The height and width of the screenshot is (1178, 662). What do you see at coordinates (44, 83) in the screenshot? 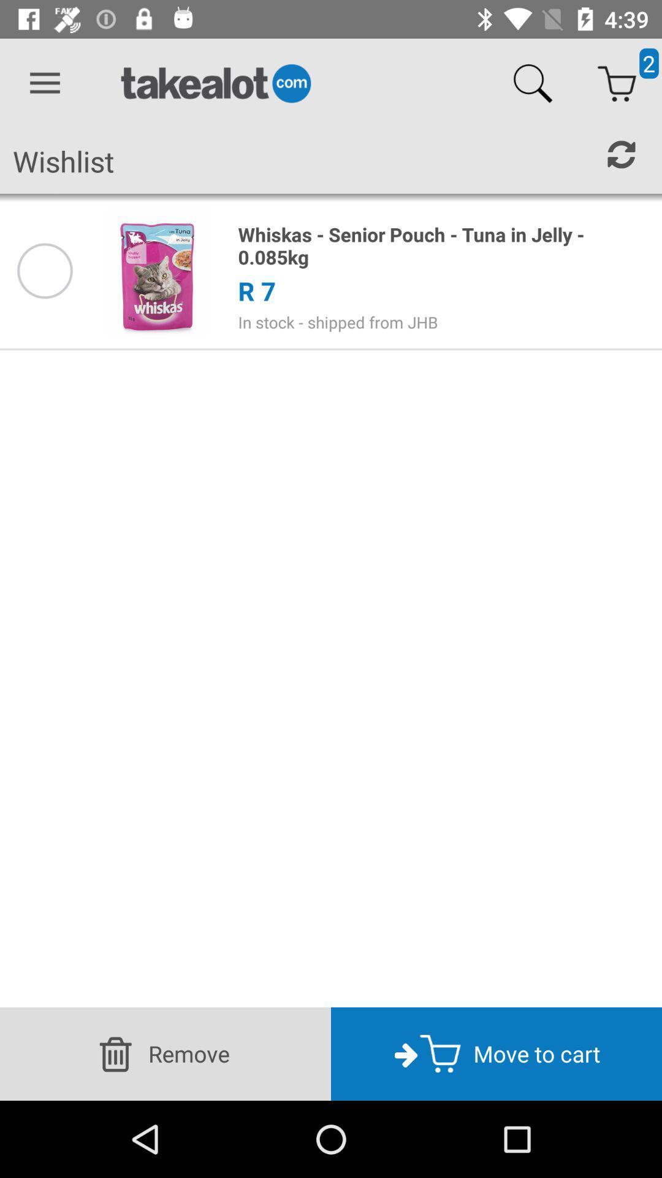
I see `icon above the wishlist icon` at bounding box center [44, 83].